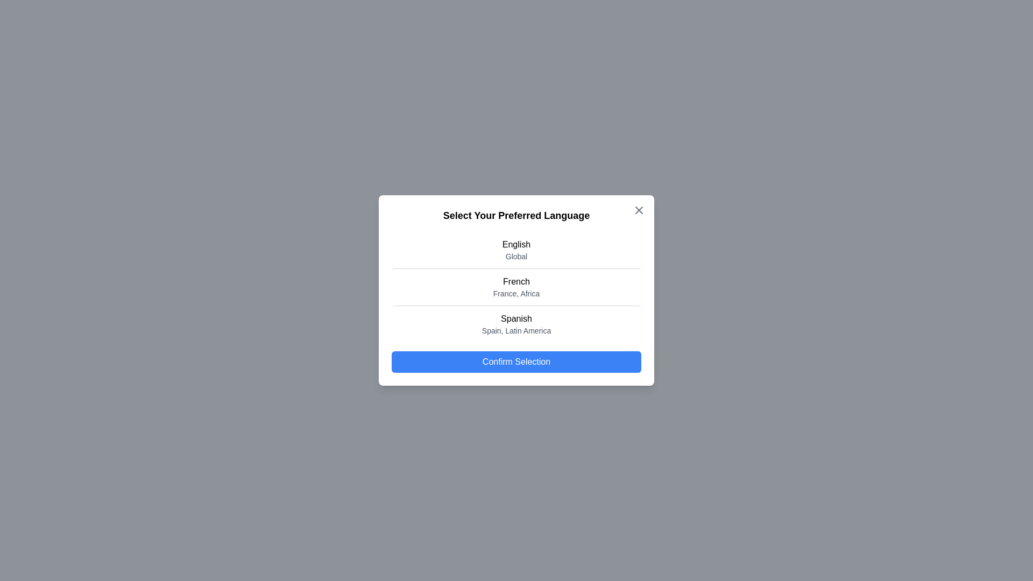  Describe the element at coordinates (516, 323) in the screenshot. I see `the language Spanish from the list` at that location.